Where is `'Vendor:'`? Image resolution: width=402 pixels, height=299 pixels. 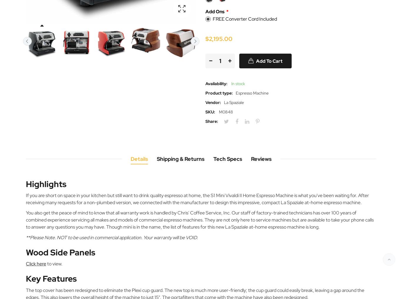 'Vendor:' is located at coordinates (213, 102).